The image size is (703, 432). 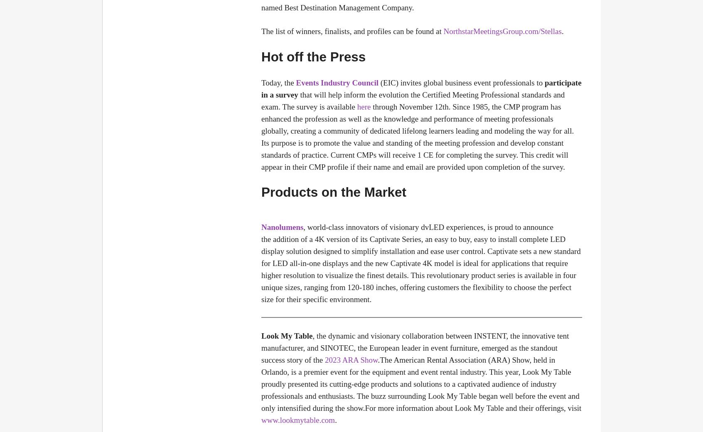 I want to click on 'The list of winners, finalists, and profiles can be found at', so click(x=352, y=31).